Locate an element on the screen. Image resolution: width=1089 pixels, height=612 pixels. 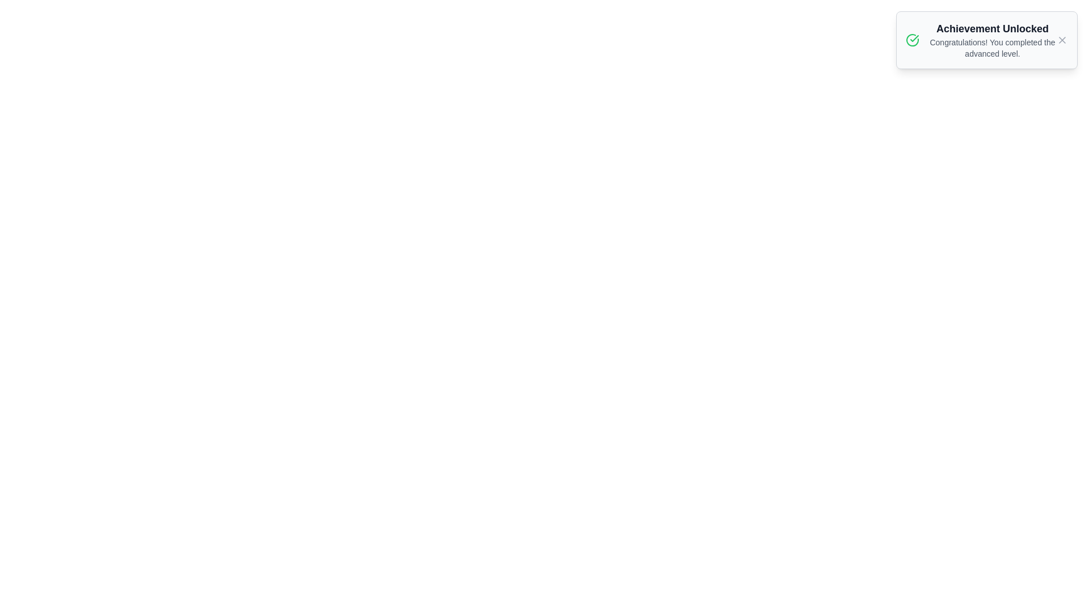
the close button of the notification to remove it is located at coordinates (1061, 39).